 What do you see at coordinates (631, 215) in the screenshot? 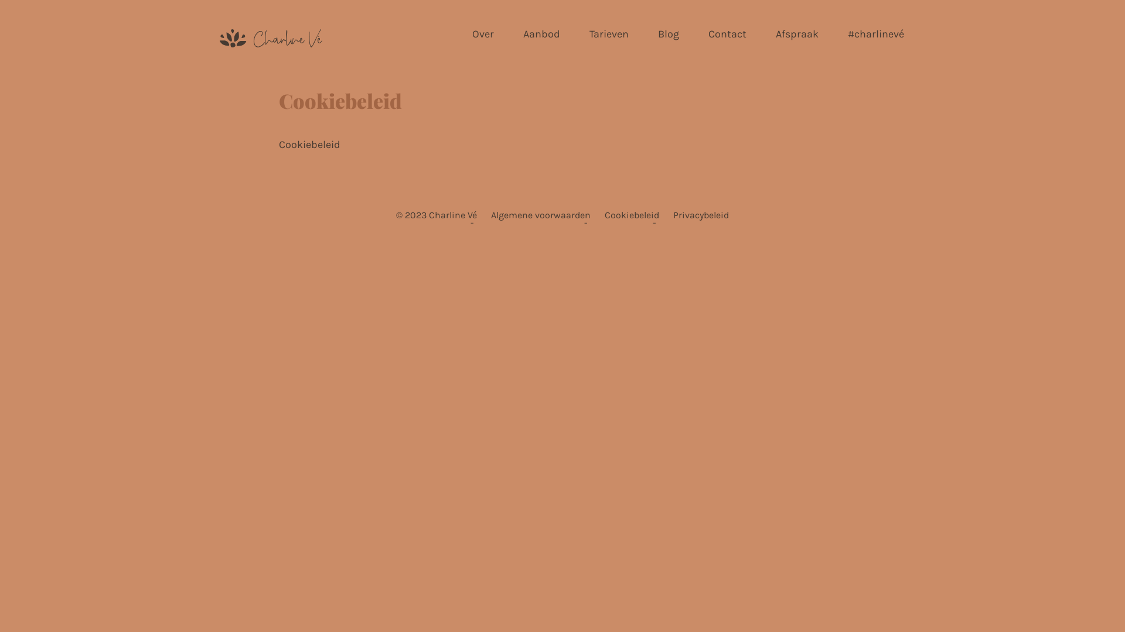
I see `'Cookiebeleid'` at bounding box center [631, 215].